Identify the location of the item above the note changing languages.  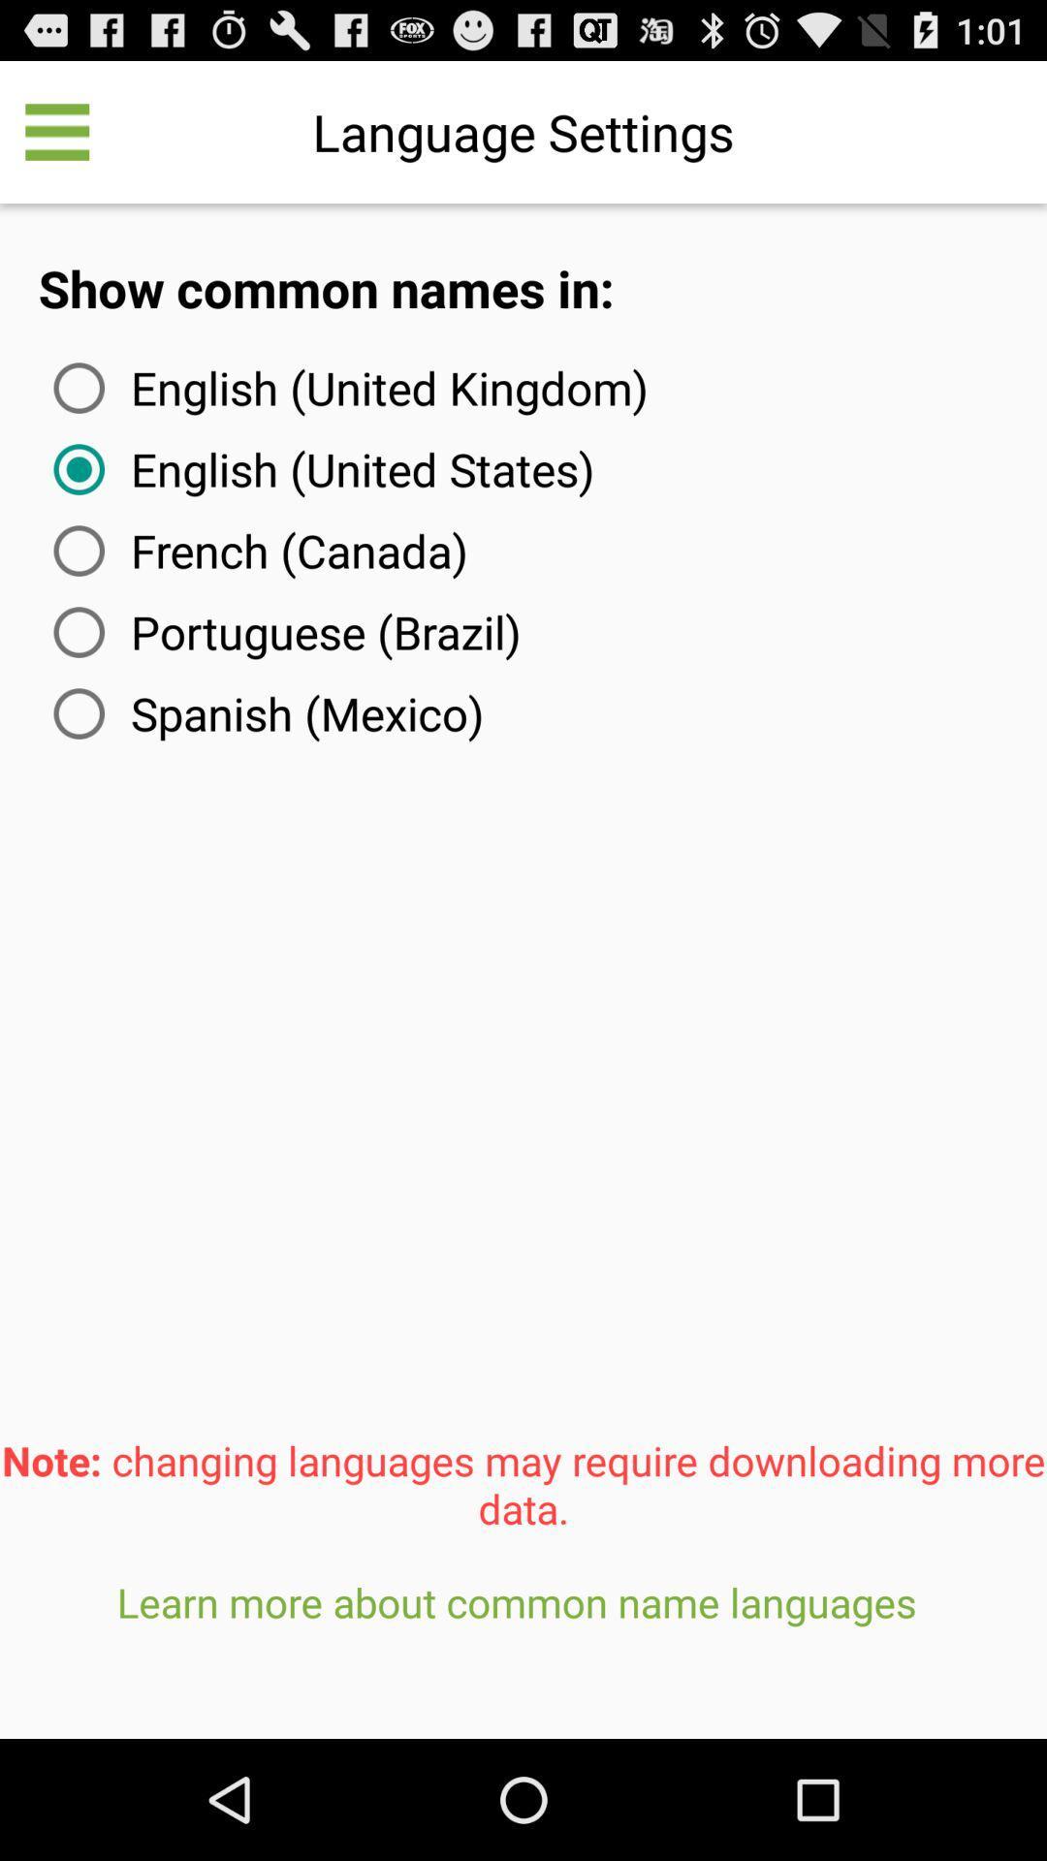
(265, 712).